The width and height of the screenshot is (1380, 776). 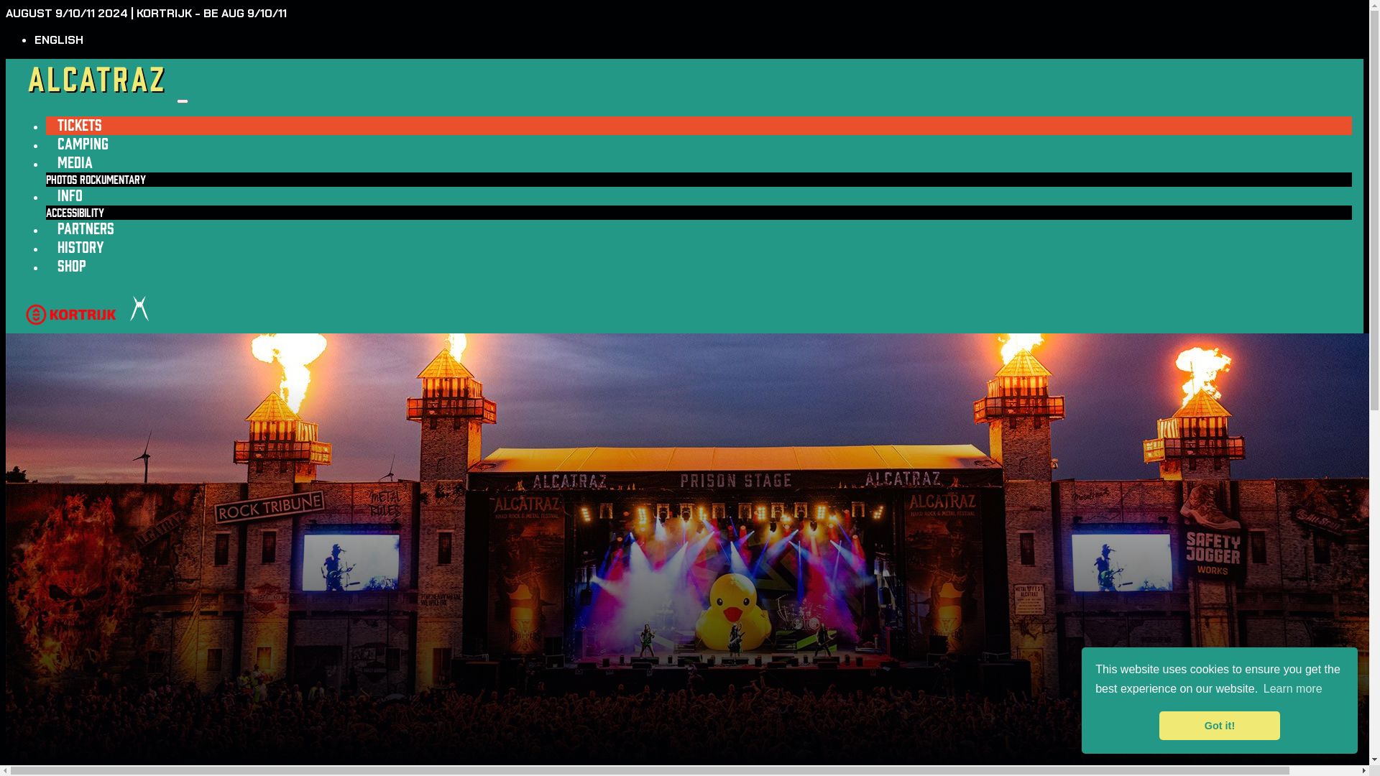 I want to click on 'MEDIA', so click(x=74, y=162).